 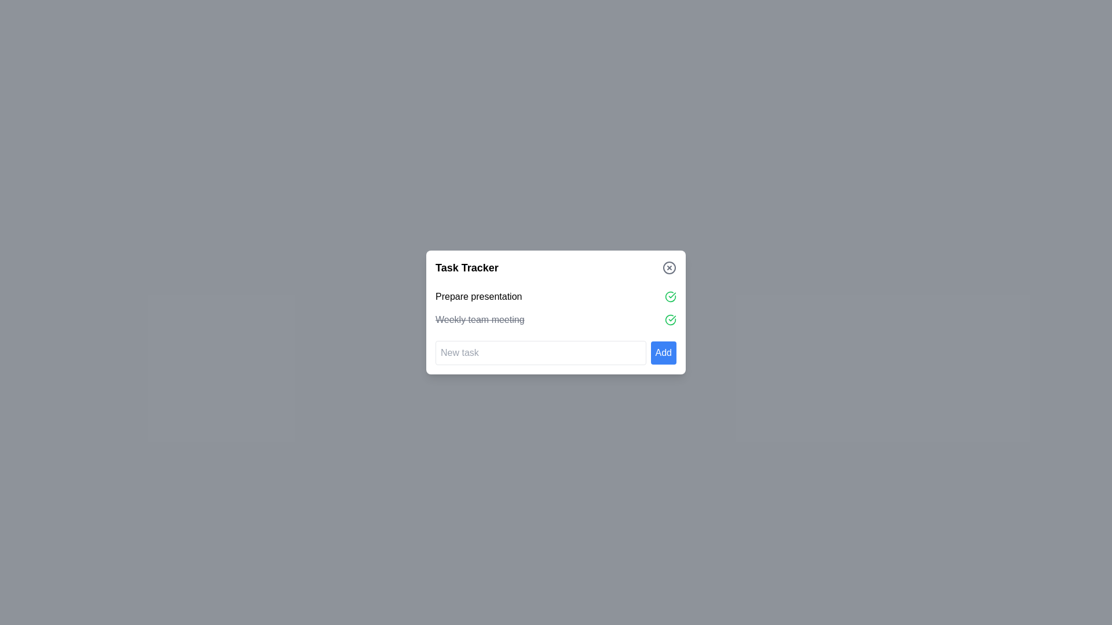 What do you see at coordinates (556, 319) in the screenshot?
I see `the checkmark of the completed task labeled in the 'Task Tracker' widget` at bounding box center [556, 319].